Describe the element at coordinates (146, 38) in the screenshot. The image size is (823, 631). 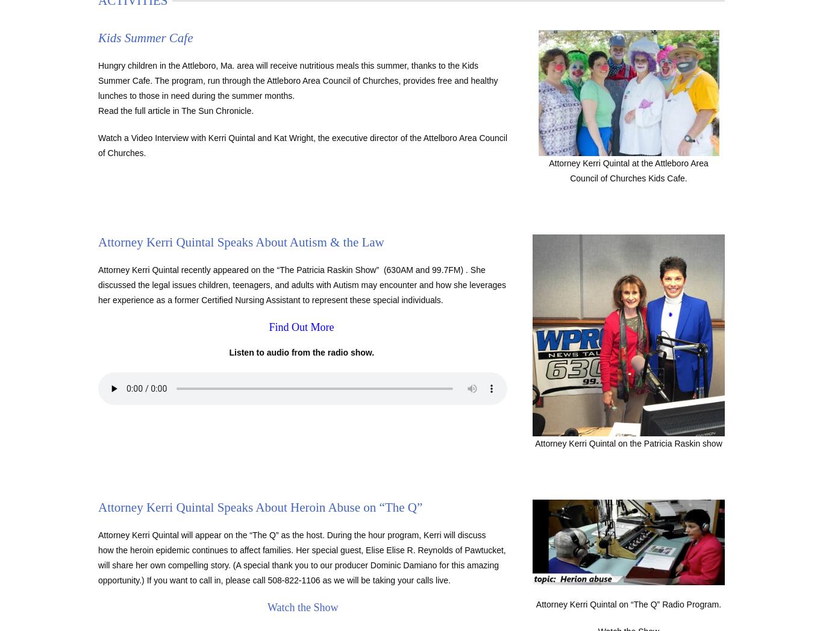
I see `'Kids Summer Cafe'` at that location.